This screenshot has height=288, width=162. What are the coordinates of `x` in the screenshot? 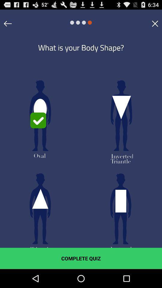 It's located at (155, 23).